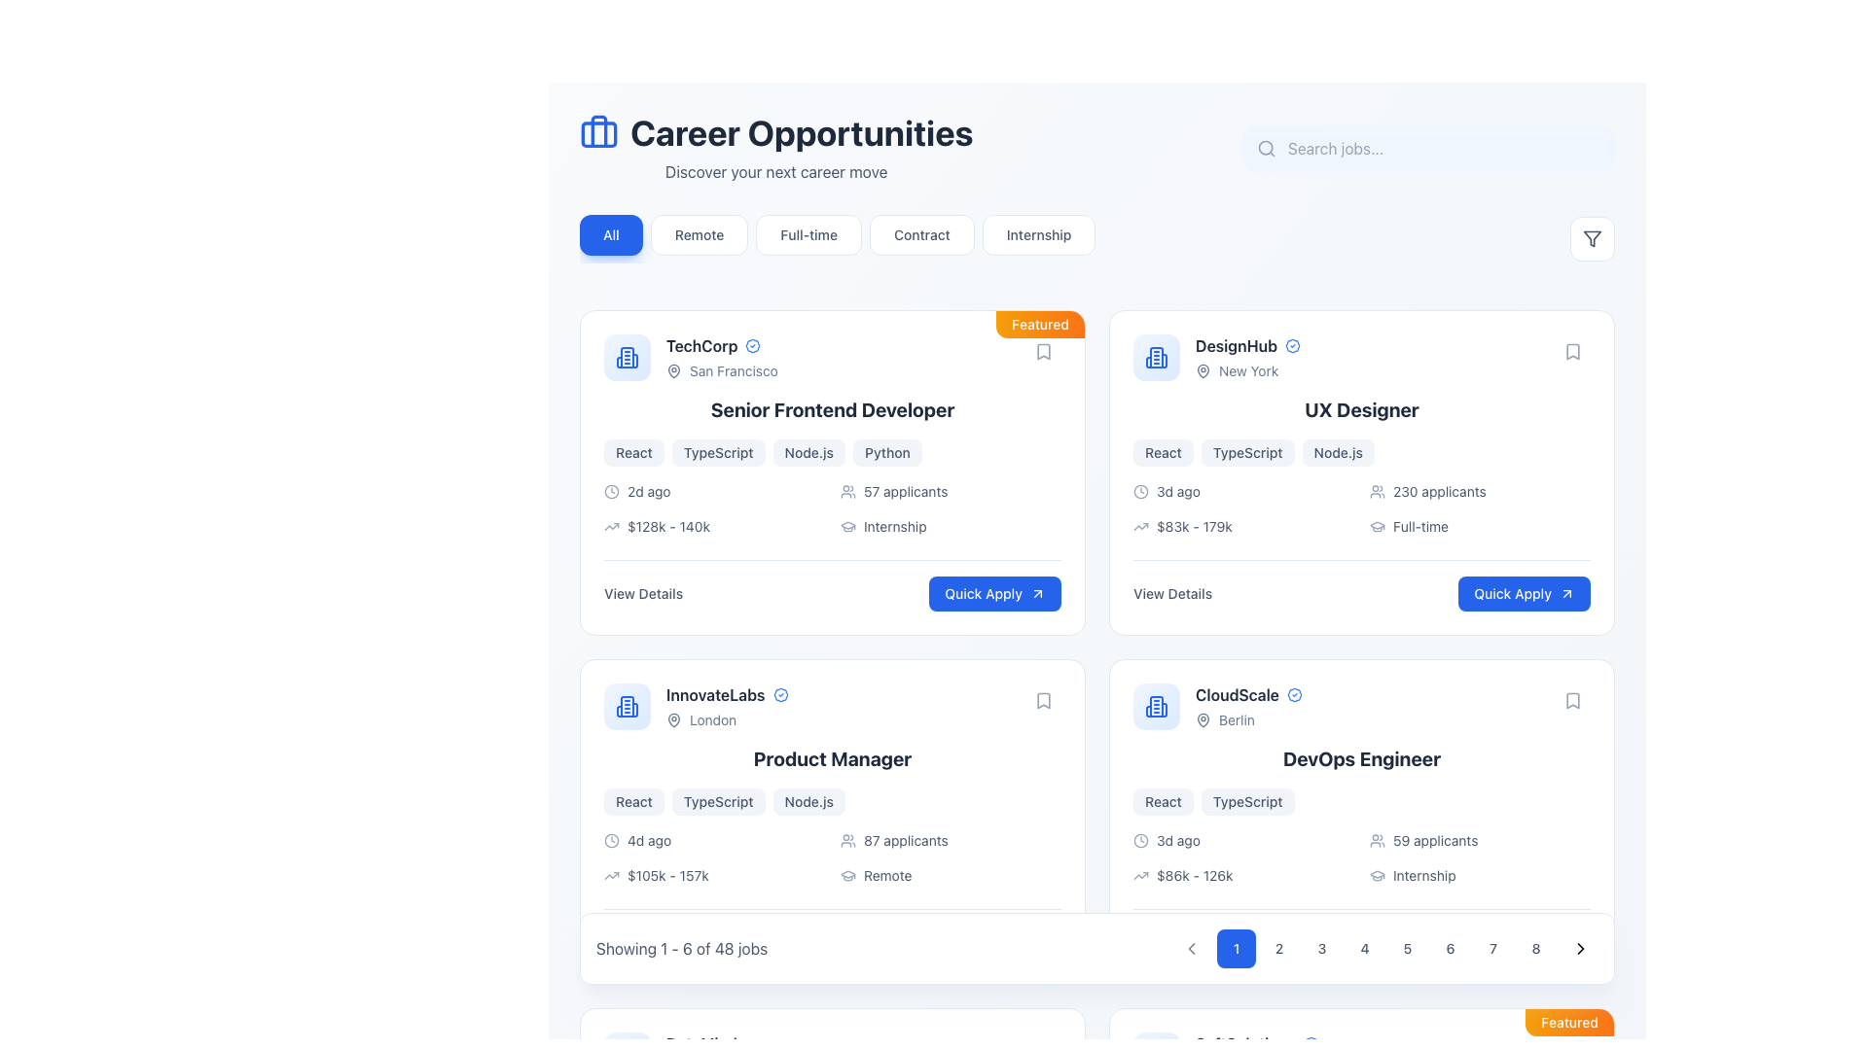  Describe the element at coordinates (1216, 357) in the screenshot. I see `the 'DesignHub' label and icon group, which includes a blue building icon, a checkmark badge, and a pin icon next to the location 'New York'. This element is located in the upper half of the 'UX Designer' card` at that location.